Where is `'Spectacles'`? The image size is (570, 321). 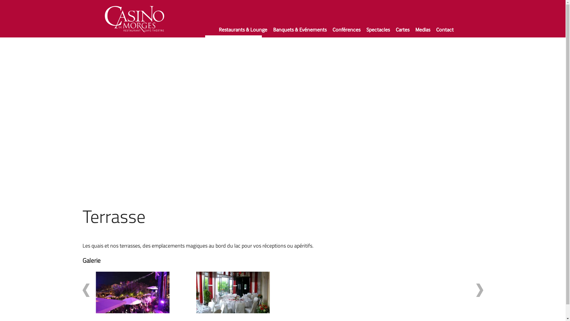
'Spectacles' is located at coordinates (363, 32).